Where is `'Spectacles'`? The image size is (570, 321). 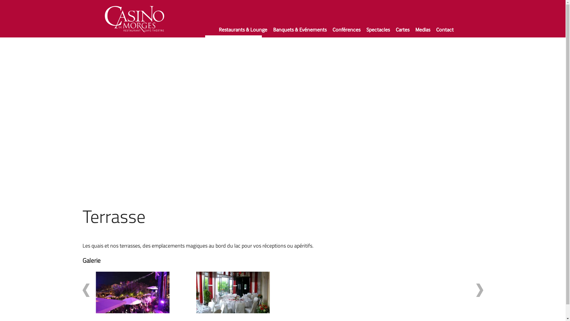
'Spectacles' is located at coordinates (363, 32).